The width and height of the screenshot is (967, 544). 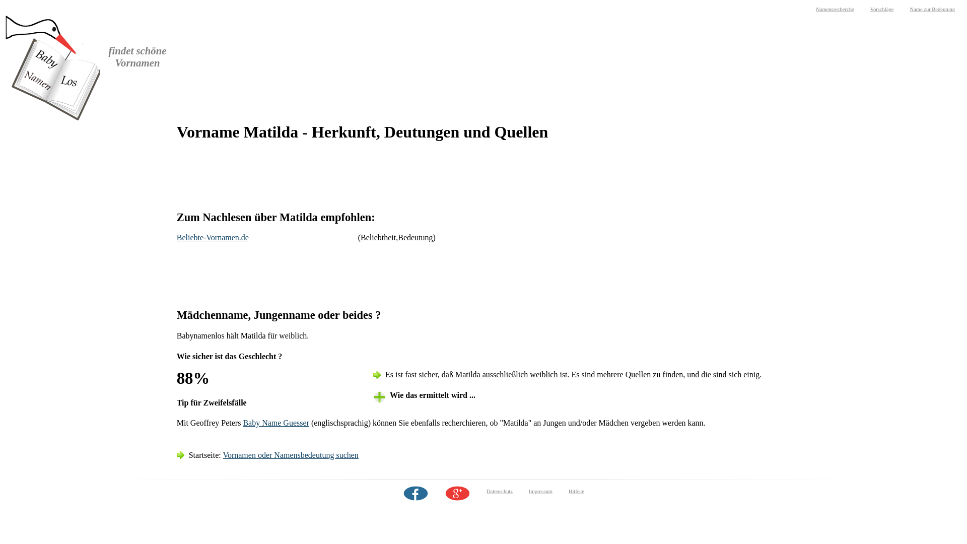 What do you see at coordinates (290, 455) in the screenshot?
I see `'Vornamen oder Namensbedeutung suchen'` at bounding box center [290, 455].